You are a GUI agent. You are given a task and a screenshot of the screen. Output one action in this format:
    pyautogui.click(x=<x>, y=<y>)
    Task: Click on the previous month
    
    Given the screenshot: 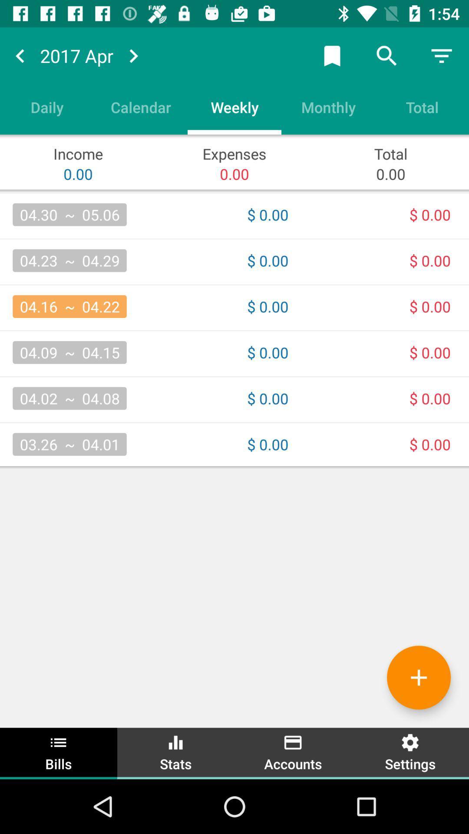 What is the action you would take?
    pyautogui.click(x=20, y=55)
    